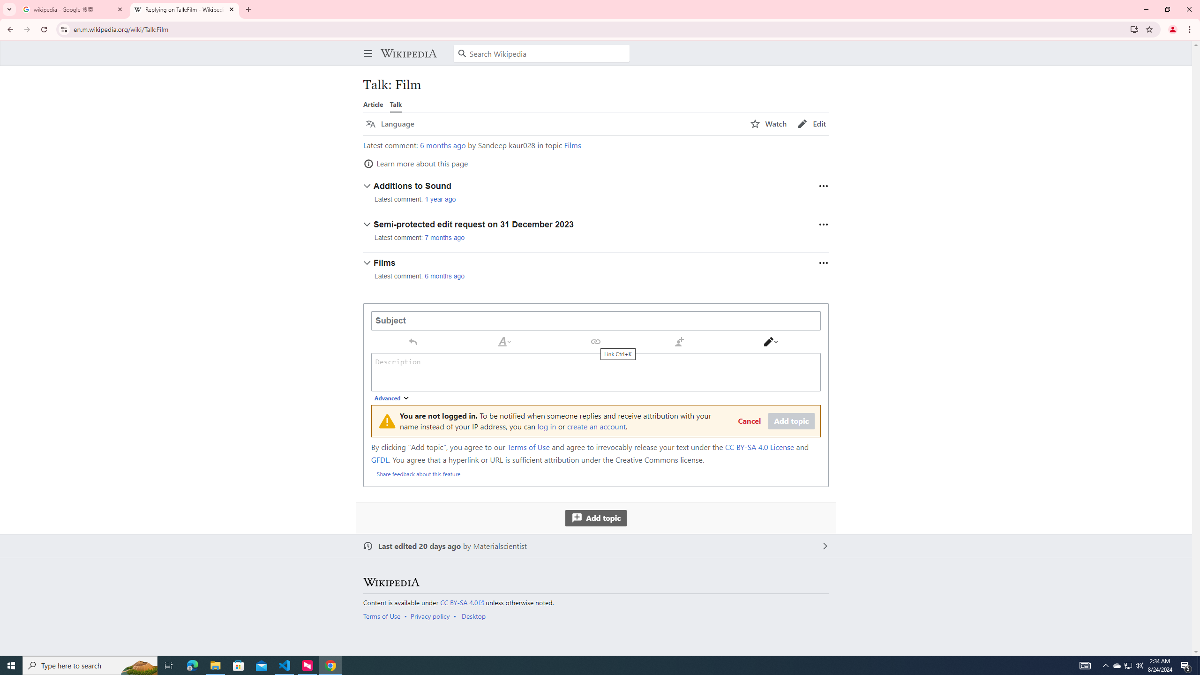 The width and height of the screenshot is (1200, 675). What do you see at coordinates (770, 341) in the screenshot?
I see `'Switch editor'` at bounding box center [770, 341].